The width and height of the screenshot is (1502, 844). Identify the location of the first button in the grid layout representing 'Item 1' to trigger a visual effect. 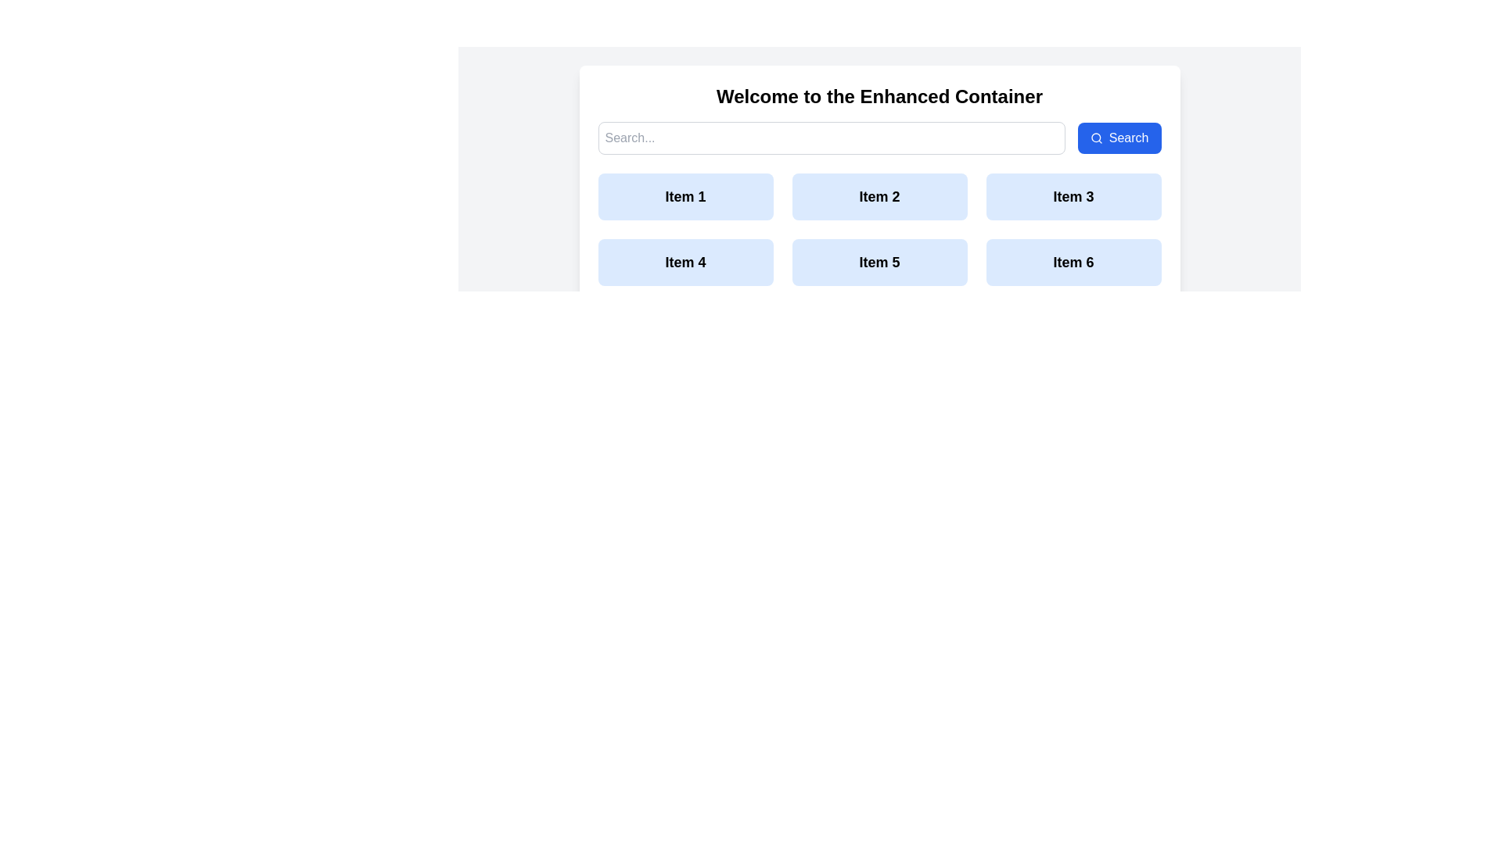
(685, 195).